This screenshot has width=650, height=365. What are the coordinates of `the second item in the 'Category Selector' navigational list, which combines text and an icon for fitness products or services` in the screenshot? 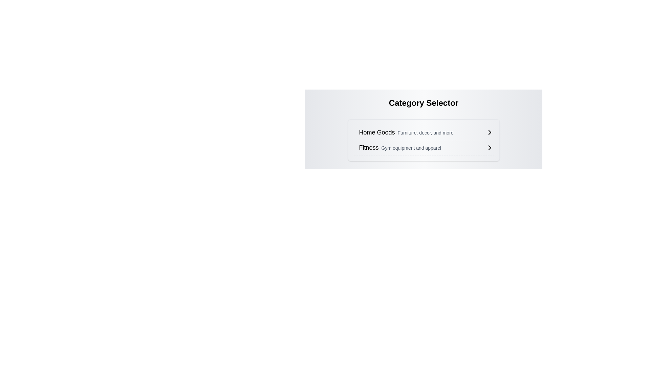 It's located at (423, 147).